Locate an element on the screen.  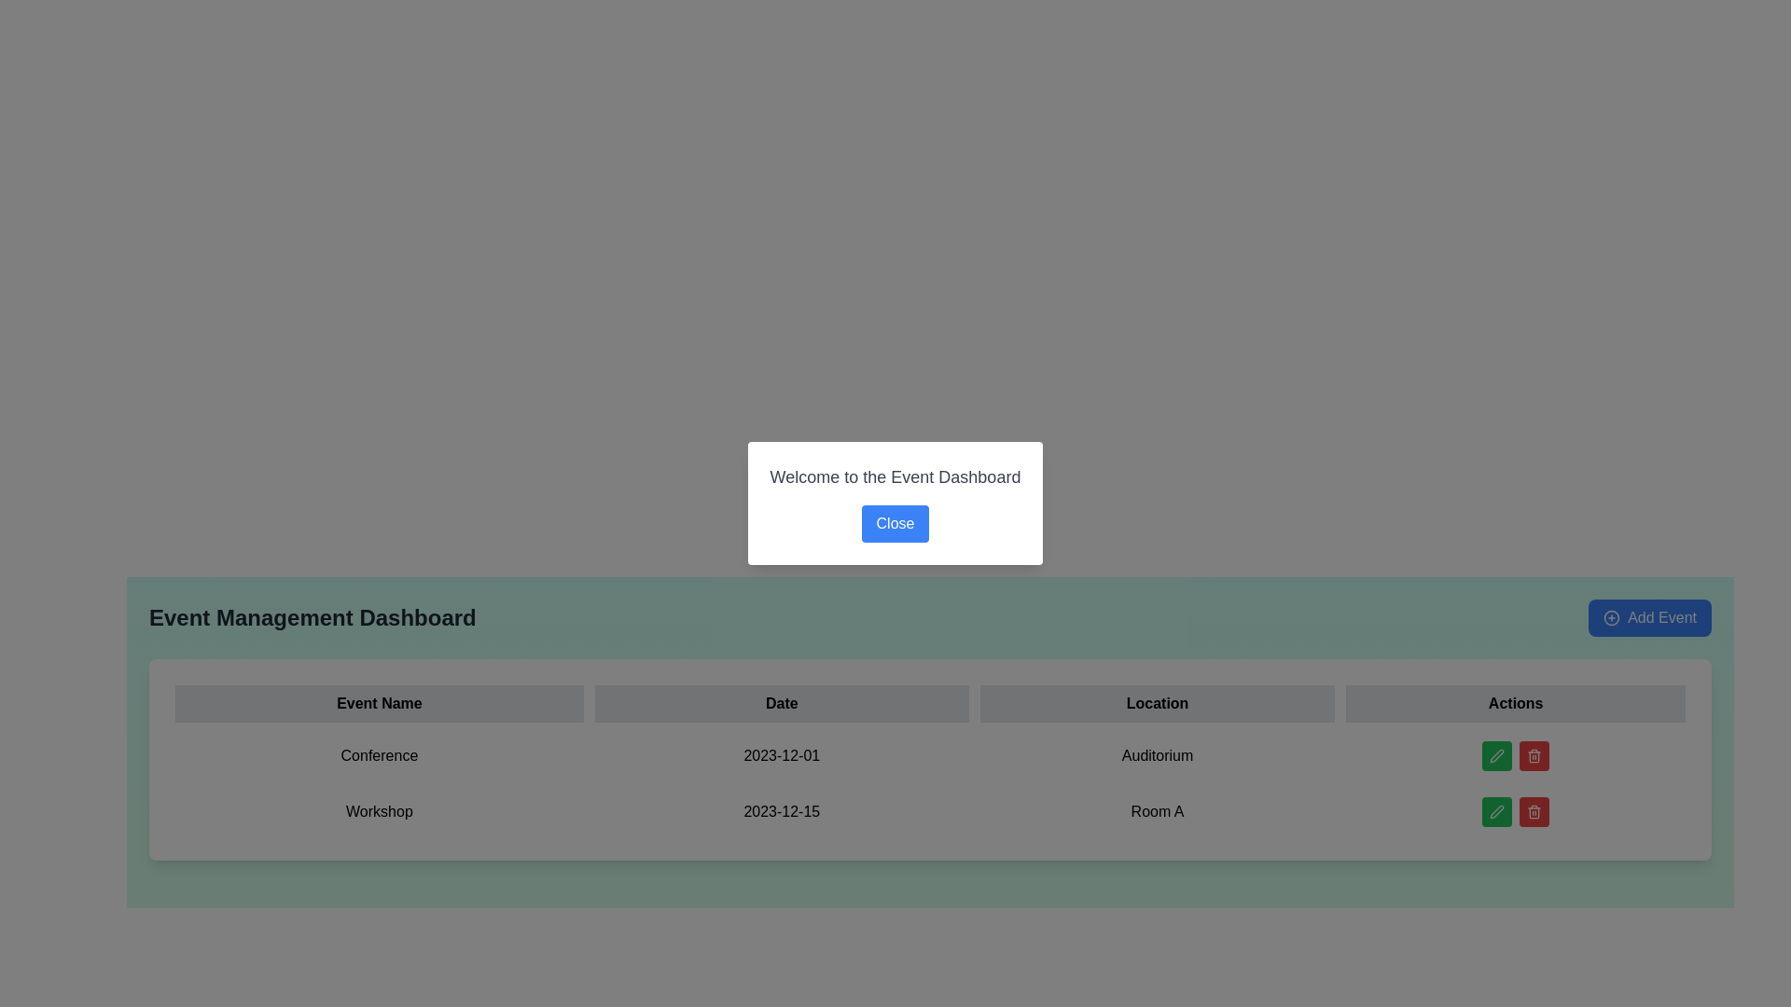
the green edit button with a white pen icon in the 'Actions' column of the second row titled 'Workshop' is located at coordinates (1497, 811).